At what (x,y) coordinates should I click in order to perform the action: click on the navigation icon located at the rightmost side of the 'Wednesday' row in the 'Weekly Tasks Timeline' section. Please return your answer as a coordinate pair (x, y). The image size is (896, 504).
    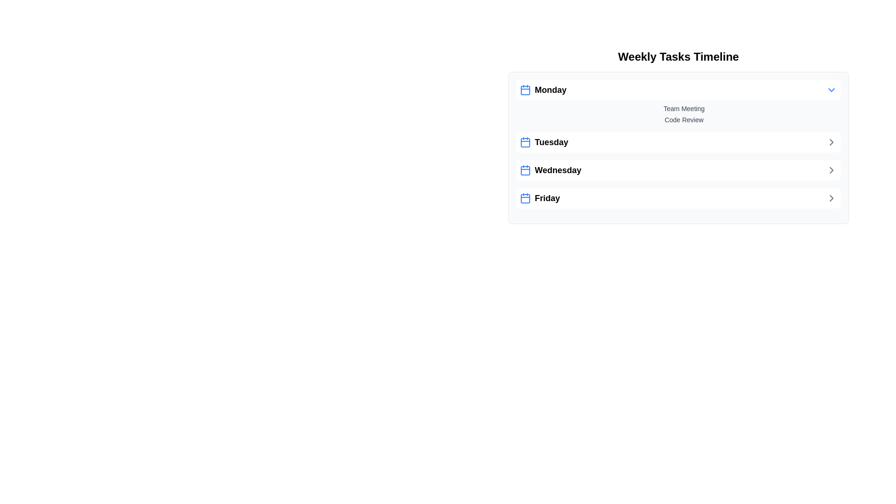
    Looking at the image, I should click on (831, 170).